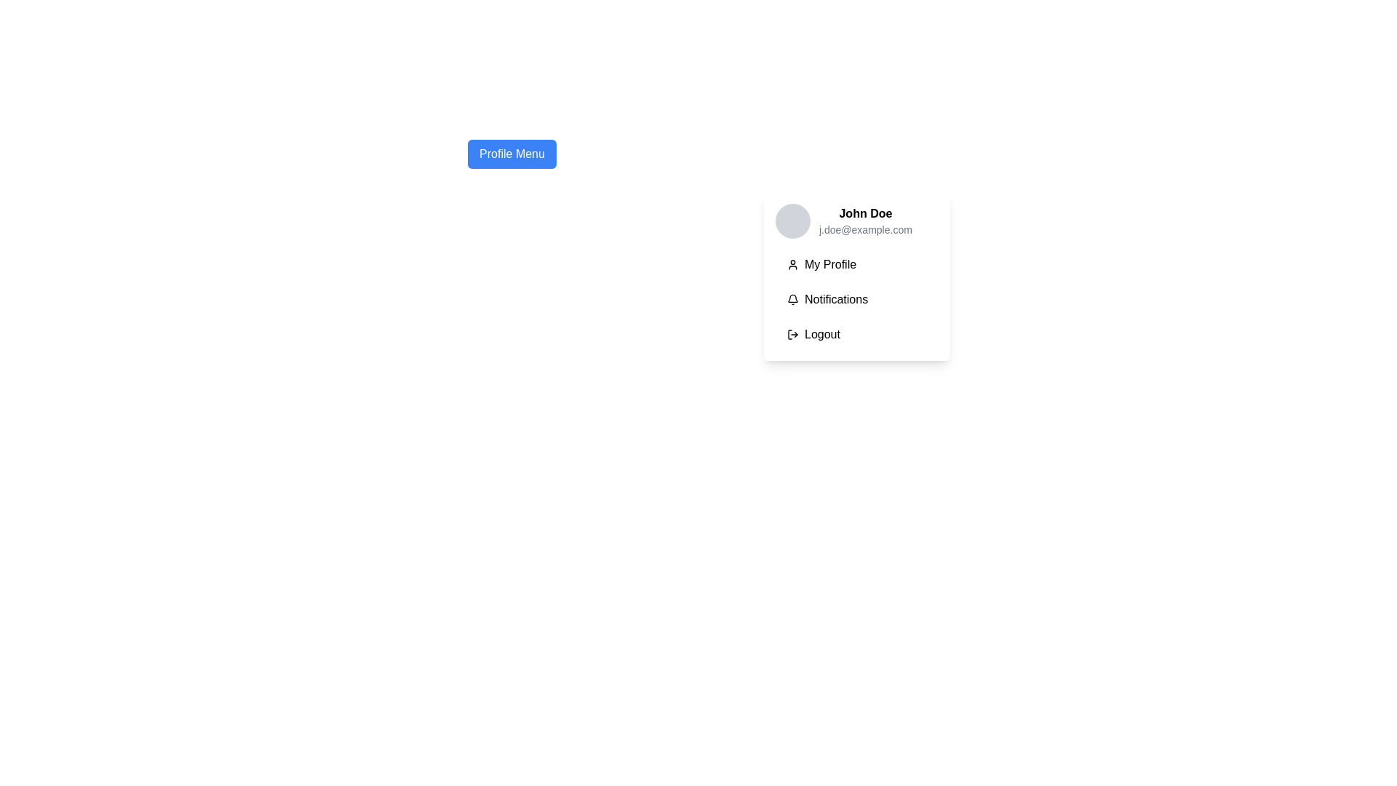 The image size is (1397, 786). Describe the element at coordinates (792, 264) in the screenshot. I see `the small user icon in the 'My Profile' section of the dropdown menu, which is a minimalist line-drawing style icon located to the left of the text label 'My Profile'` at that location.